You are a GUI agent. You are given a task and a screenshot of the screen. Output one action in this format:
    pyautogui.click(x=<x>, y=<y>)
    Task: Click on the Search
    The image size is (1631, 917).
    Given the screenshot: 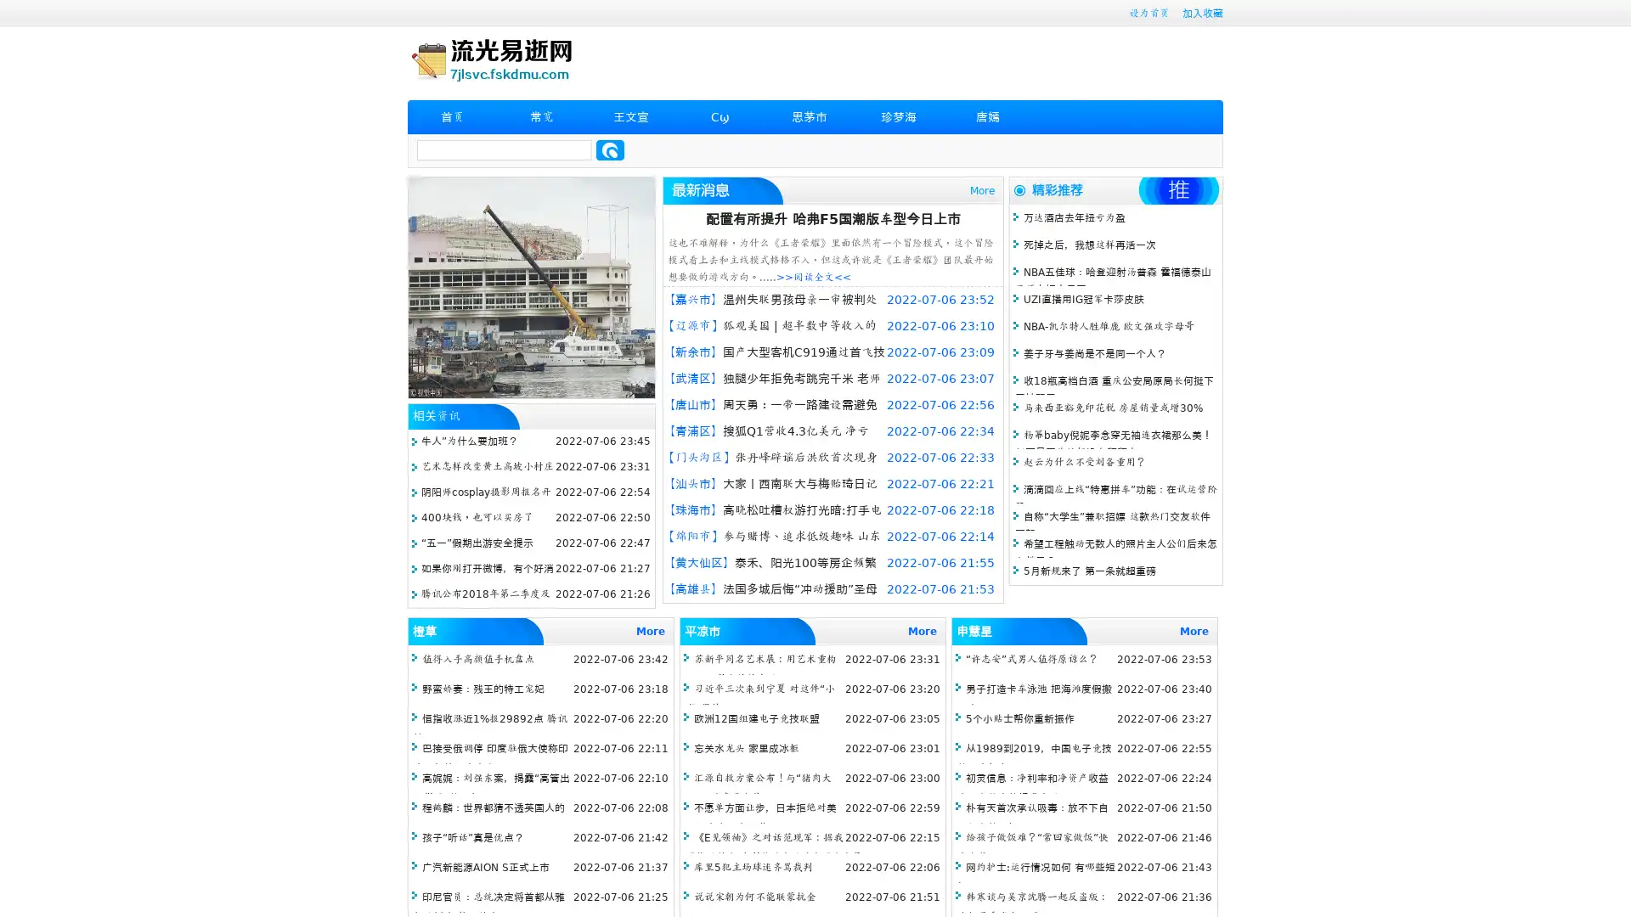 What is the action you would take?
    pyautogui.click(x=610, y=149)
    